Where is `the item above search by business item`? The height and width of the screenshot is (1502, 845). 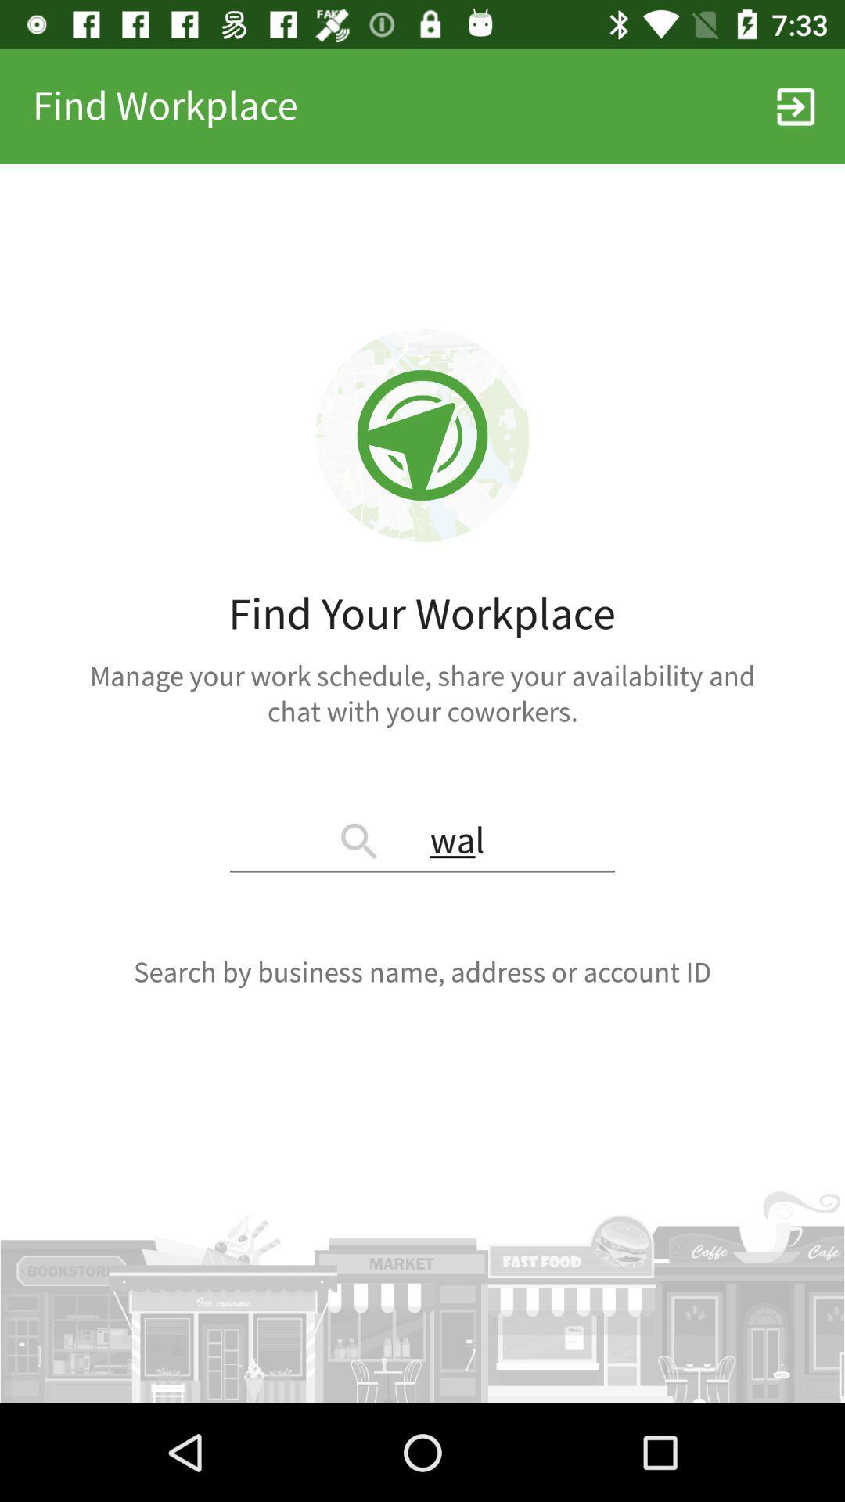
the item above search by business item is located at coordinates (422, 842).